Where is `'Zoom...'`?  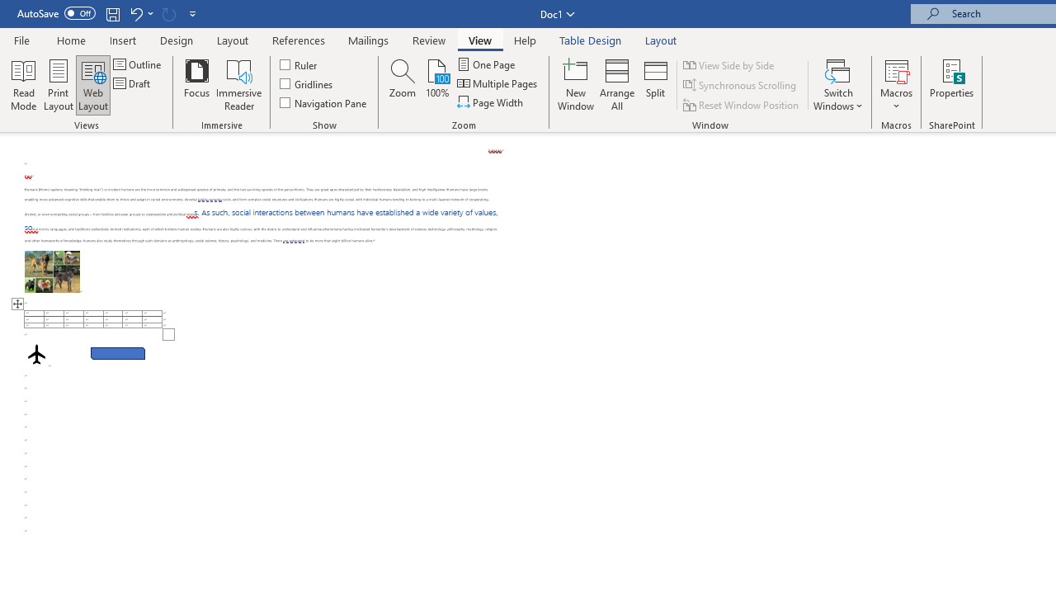
'Zoom...' is located at coordinates (403, 85).